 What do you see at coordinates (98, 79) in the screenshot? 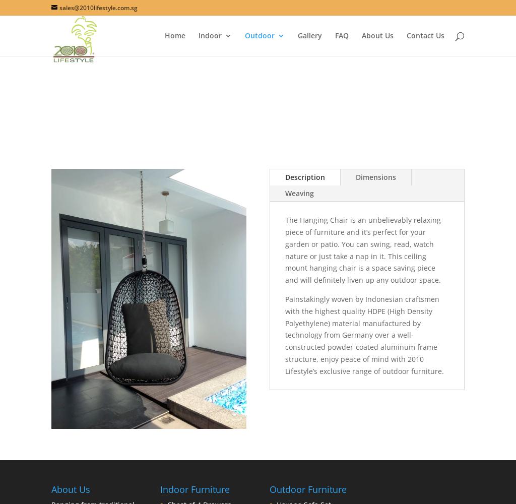
I see `'Patio Furniture'` at bounding box center [98, 79].